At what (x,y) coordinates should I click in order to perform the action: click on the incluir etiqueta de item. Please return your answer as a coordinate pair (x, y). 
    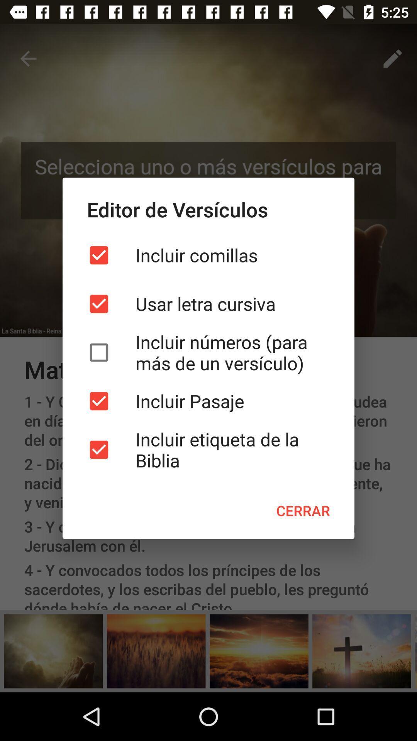
    Looking at the image, I should click on (208, 450).